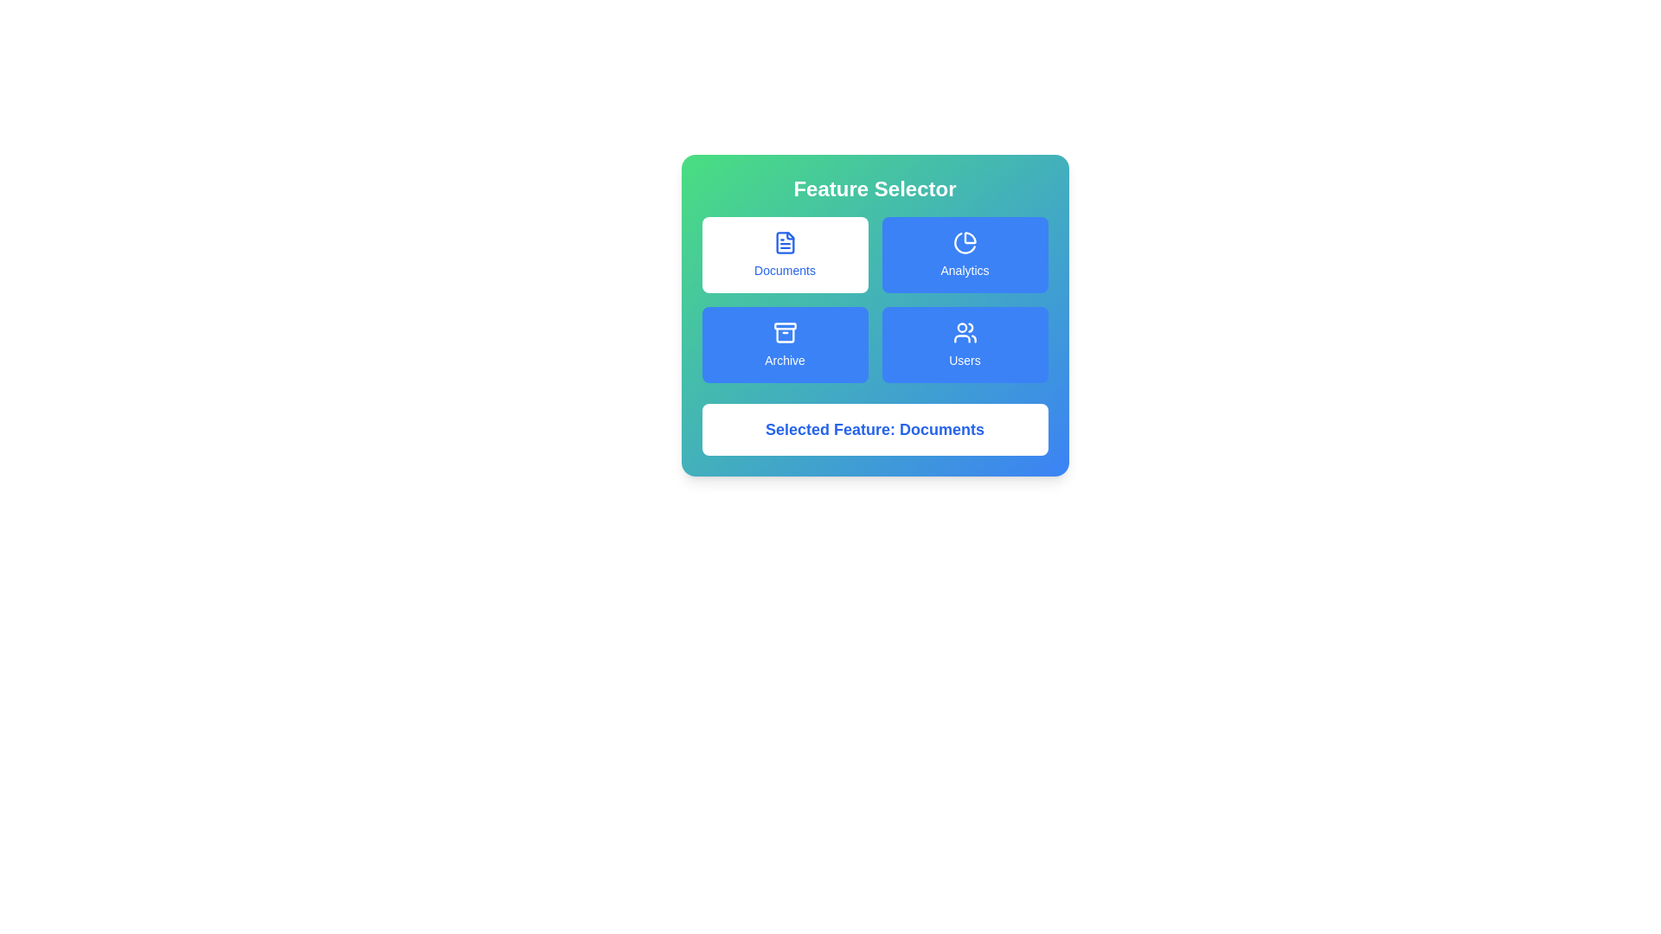  What do you see at coordinates (784, 326) in the screenshot?
I see `top lid of the archive box icon, which is represented by the SVG rectangle component located in the second row, first column of the grid layout` at bounding box center [784, 326].